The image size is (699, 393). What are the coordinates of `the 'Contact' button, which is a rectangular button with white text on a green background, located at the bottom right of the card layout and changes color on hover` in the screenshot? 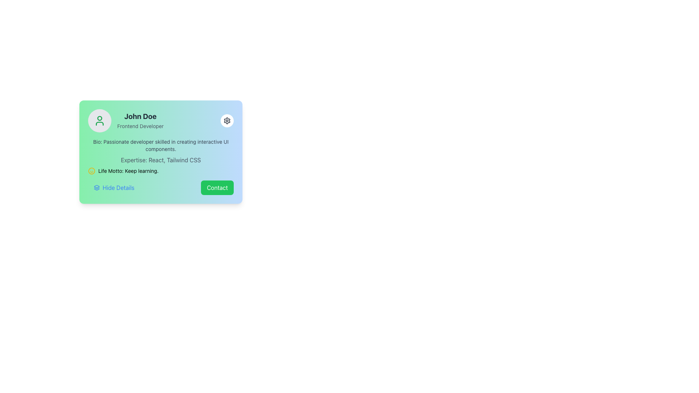 It's located at (217, 187).